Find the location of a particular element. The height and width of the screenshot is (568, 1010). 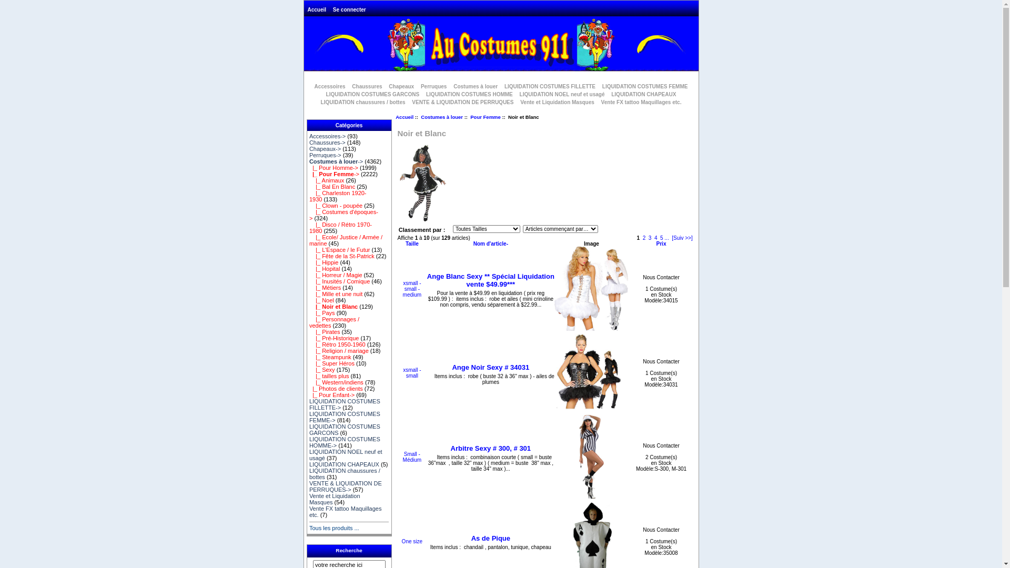

'Prix' is located at coordinates (661, 244).